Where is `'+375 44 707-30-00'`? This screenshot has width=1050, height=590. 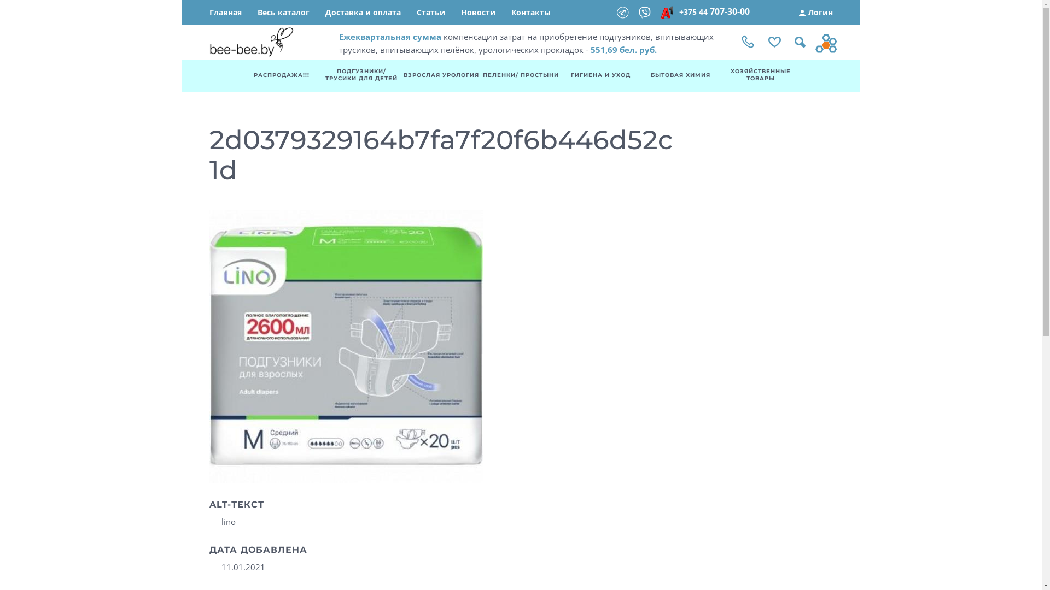 '+375 44 707-30-00' is located at coordinates (713, 11).